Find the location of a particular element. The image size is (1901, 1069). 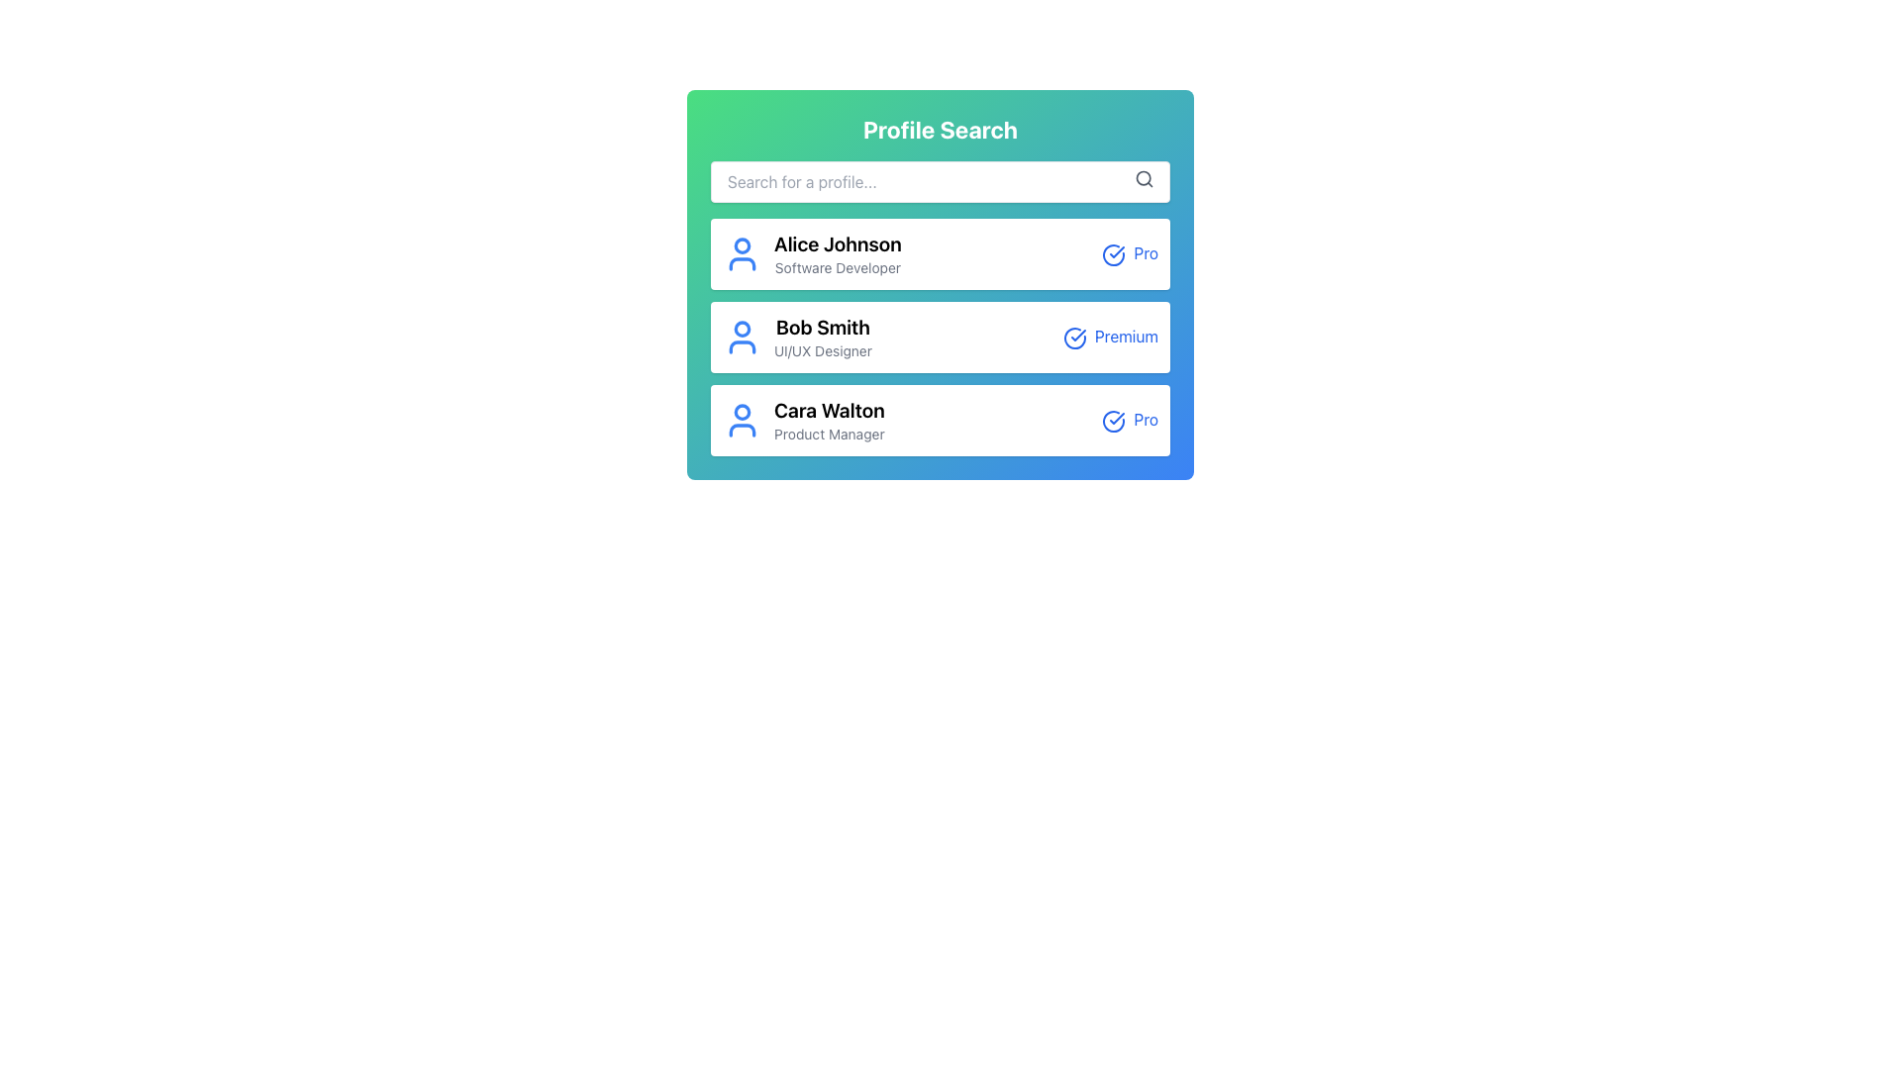

the small blue circular icon with a white outline located at the top center of the SVG icon representing 'Bob Smith' in the profile list is located at coordinates (741, 327).